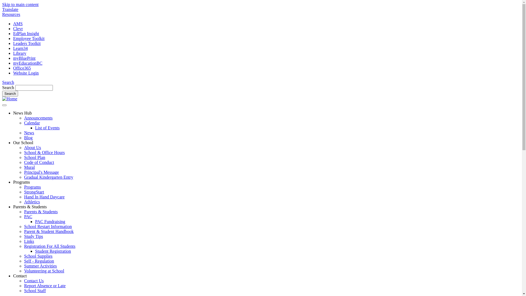 Image resolution: width=526 pixels, height=296 pixels. Describe the element at coordinates (11, 14) in the screenshot. I see `'Resources'` at that location.